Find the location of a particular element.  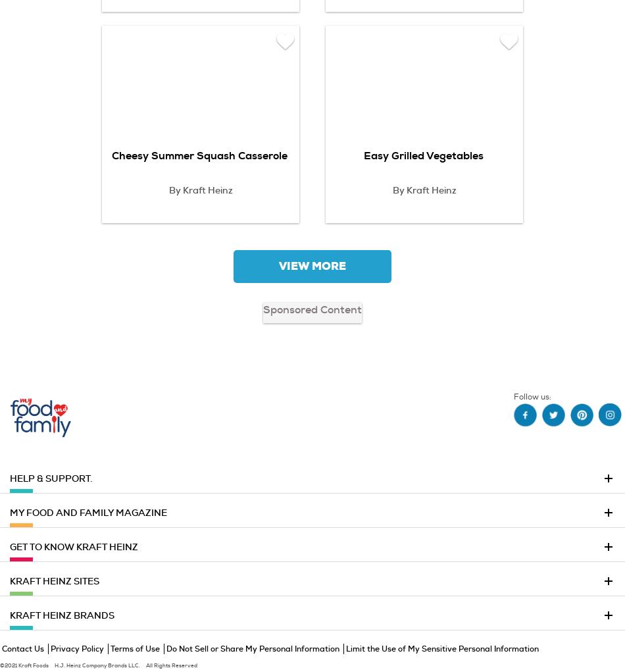

'KRAFT HEINZ BRANDS' is located at coordinates (10, 614).